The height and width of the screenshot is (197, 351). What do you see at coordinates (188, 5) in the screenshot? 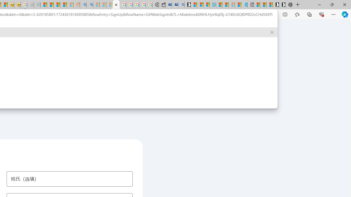
I see `'Microsoft Start Gaming'` at bounding box center [188, 5].